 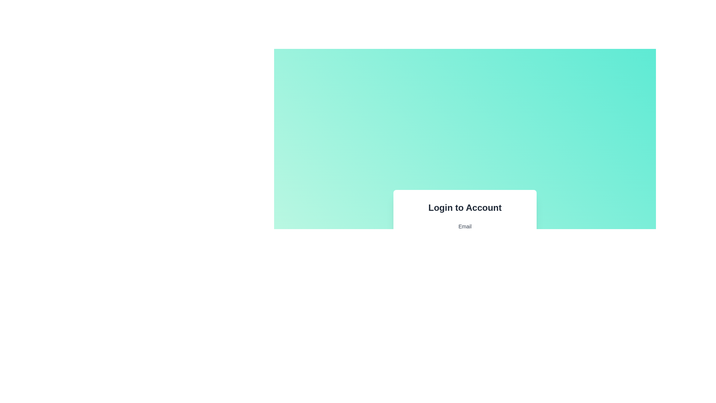 What do you see at coordinates (465, 226) in the screenshot?
I see `the text label that provides context for the email input field, located at the top center of the login form box, directly above the email input field` at bounding box center [465, 226].